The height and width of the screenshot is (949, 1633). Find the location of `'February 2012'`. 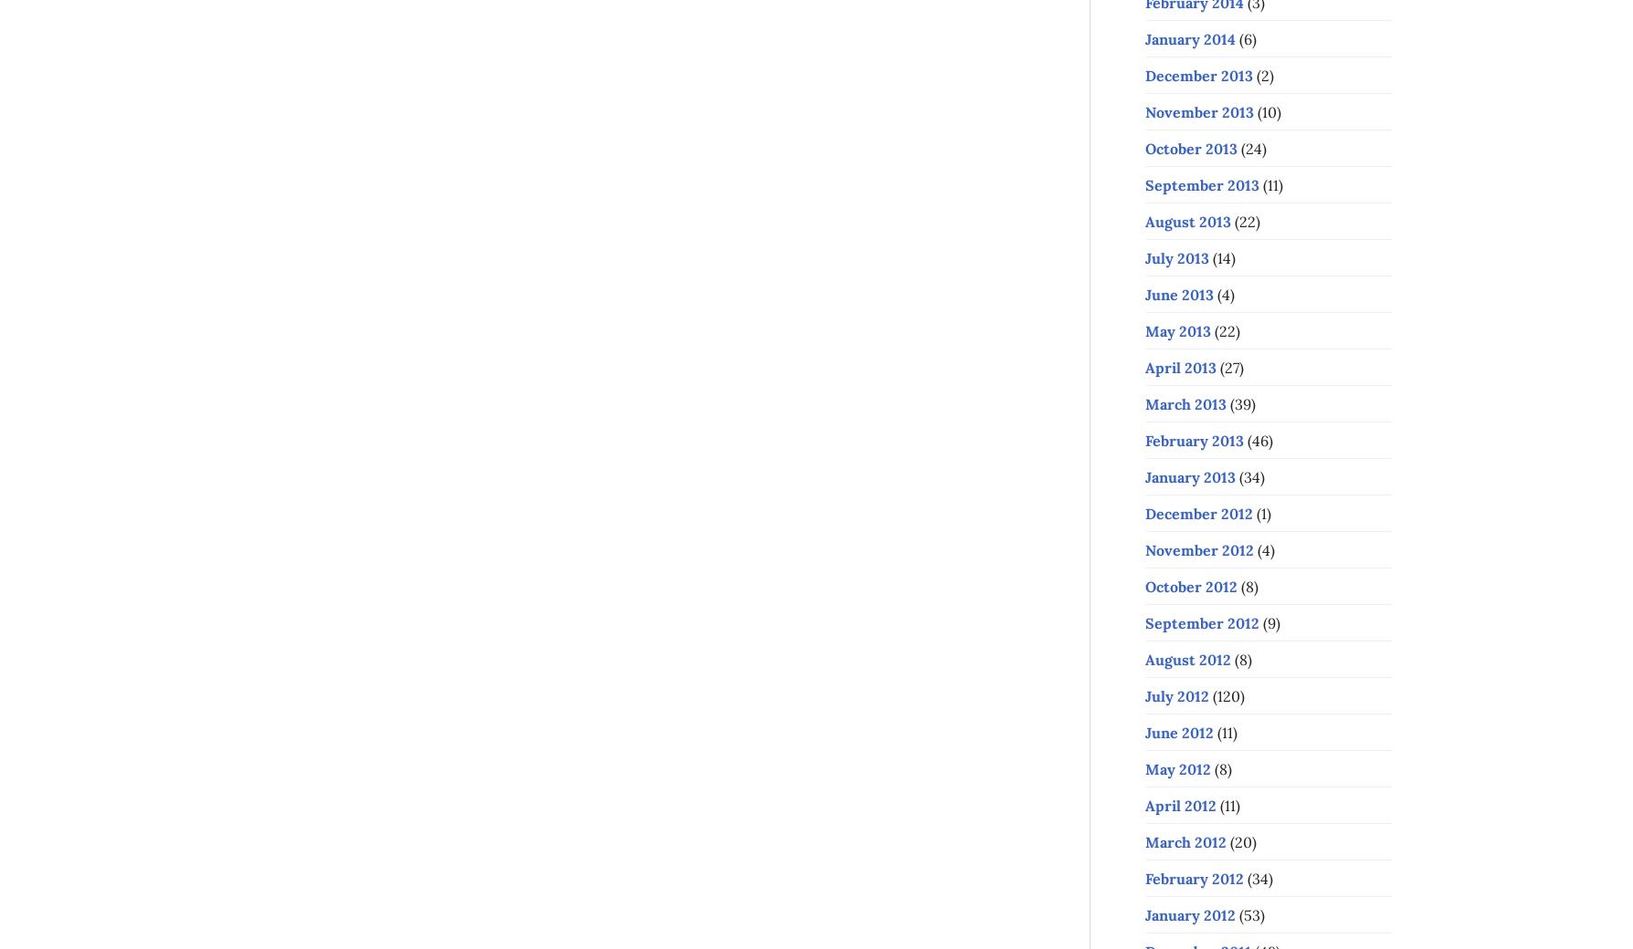

'February 2012' is located at coordinates (1193, 878).